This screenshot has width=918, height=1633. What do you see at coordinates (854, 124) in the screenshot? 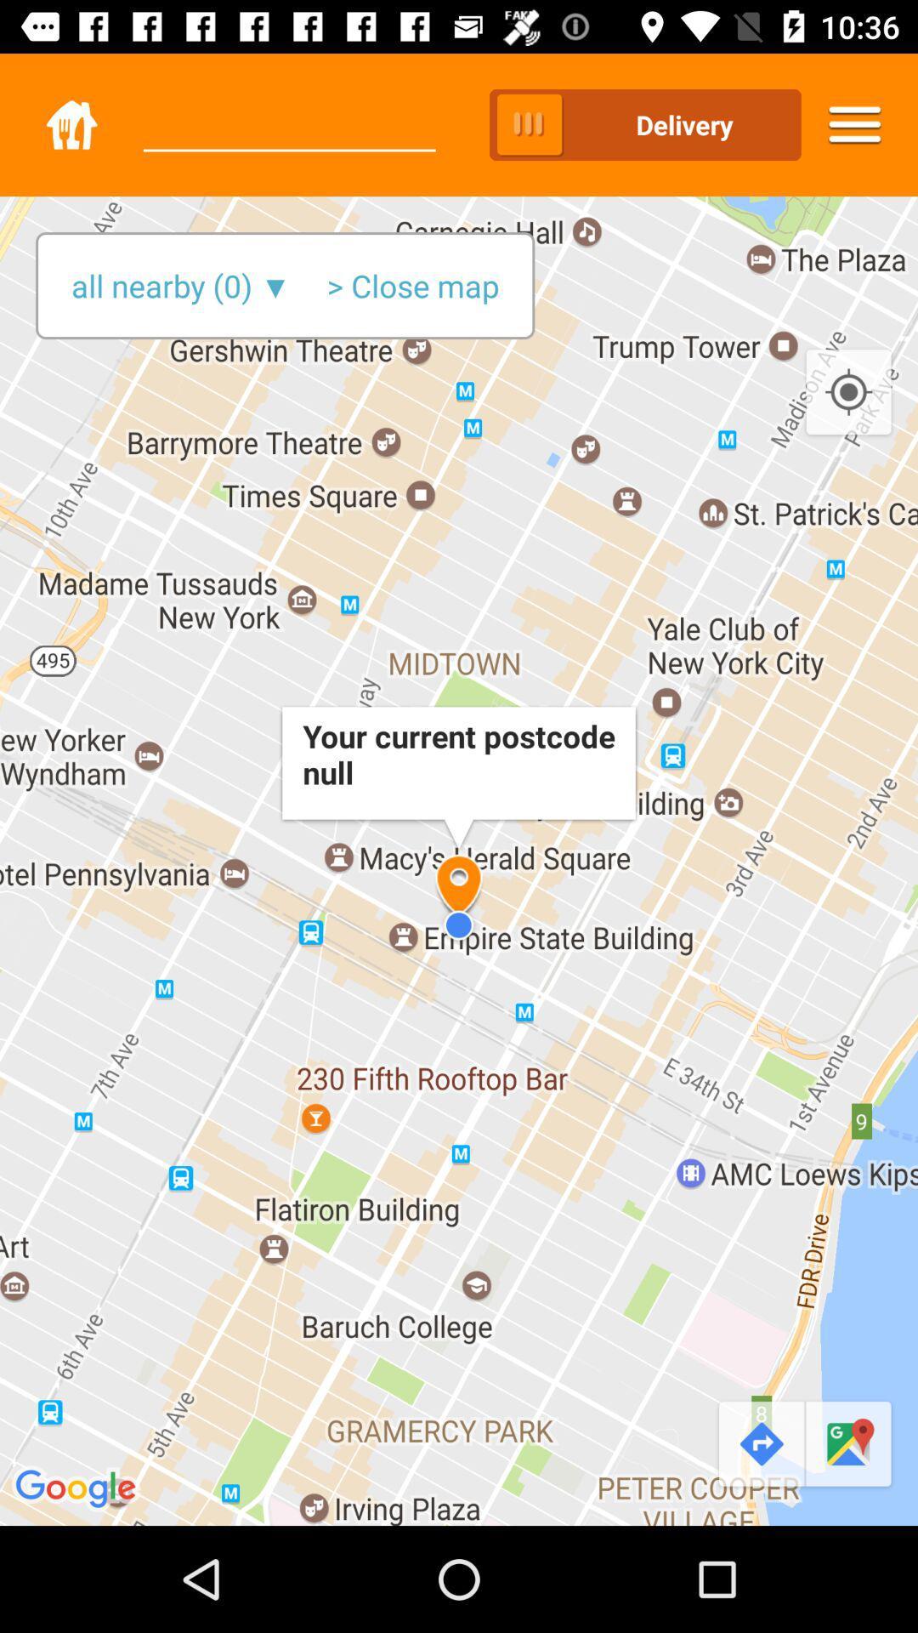
I see `icon to the right of delivery item` at bounding box center [854, 124].